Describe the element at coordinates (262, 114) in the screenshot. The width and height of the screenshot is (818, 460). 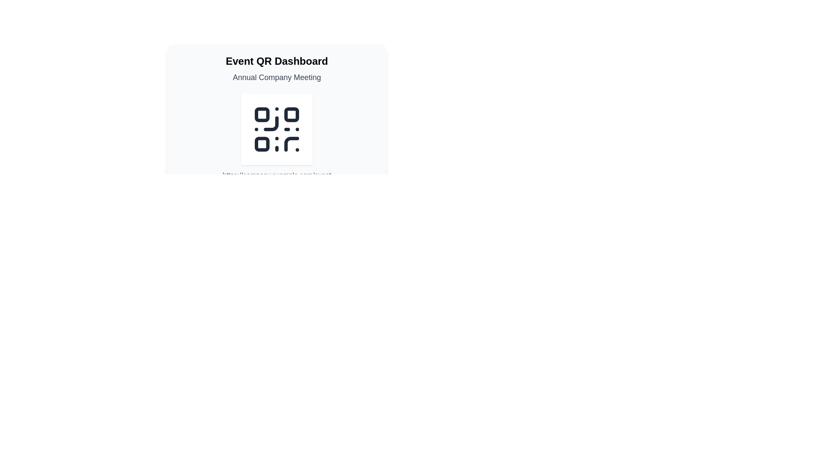
I see `the small square in the top-left segment of the QR code, which has a white background and rounded corners` at that location.